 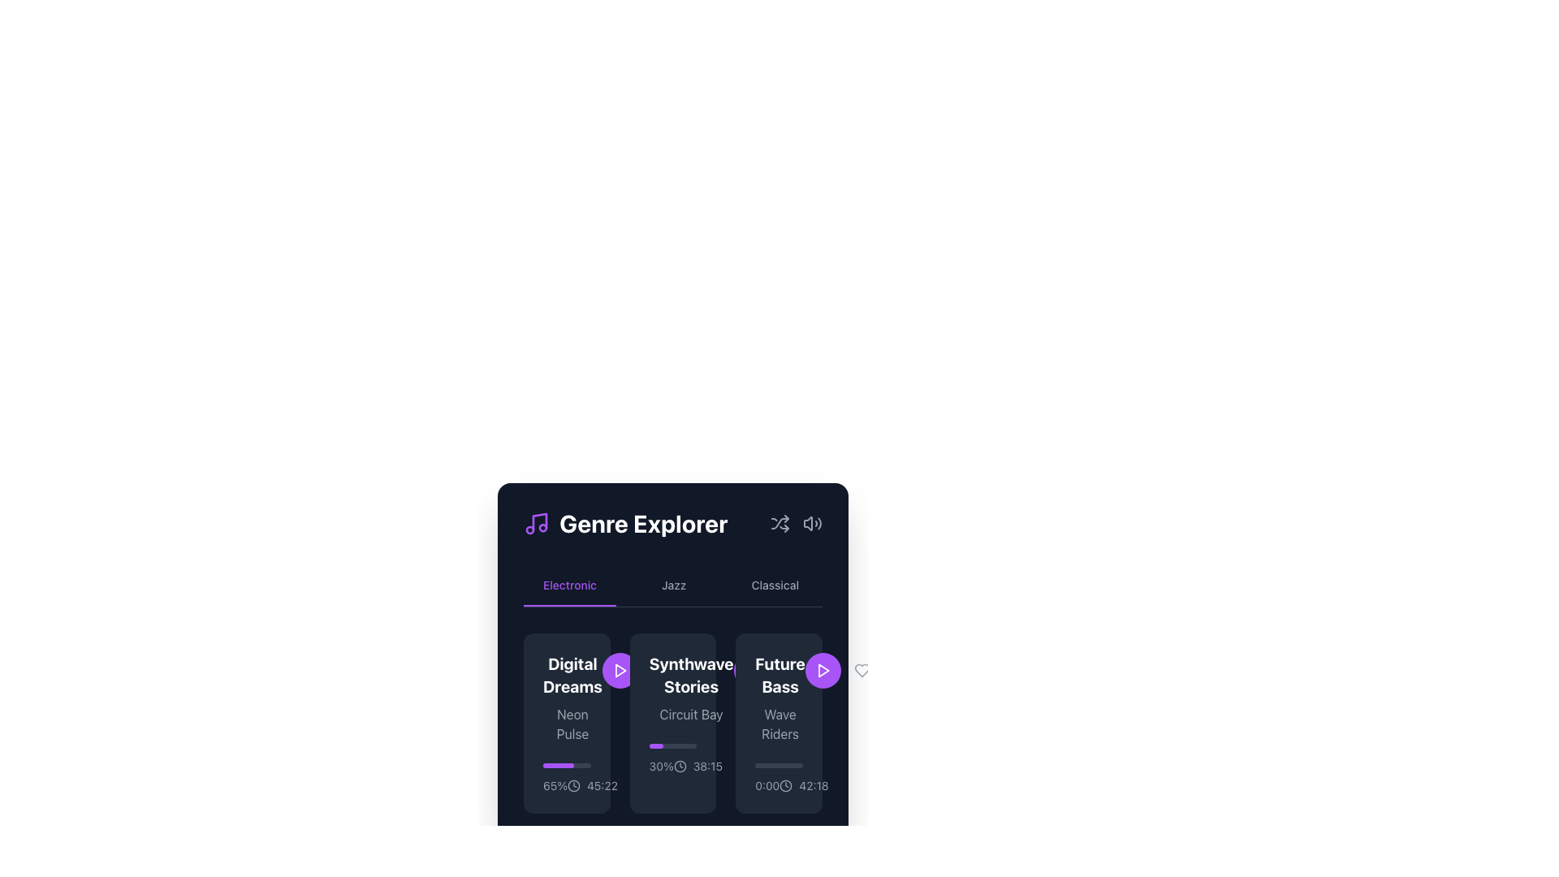 What do you see at coordinates (559, 765) in the screenshot?
I see `the progress bar segment located below the 'Digital Dreams' card in the 'Genre Explorer' interface, which visually indicates progress and is positioned at approximately 65% completion` at bounding box center [559, 765].